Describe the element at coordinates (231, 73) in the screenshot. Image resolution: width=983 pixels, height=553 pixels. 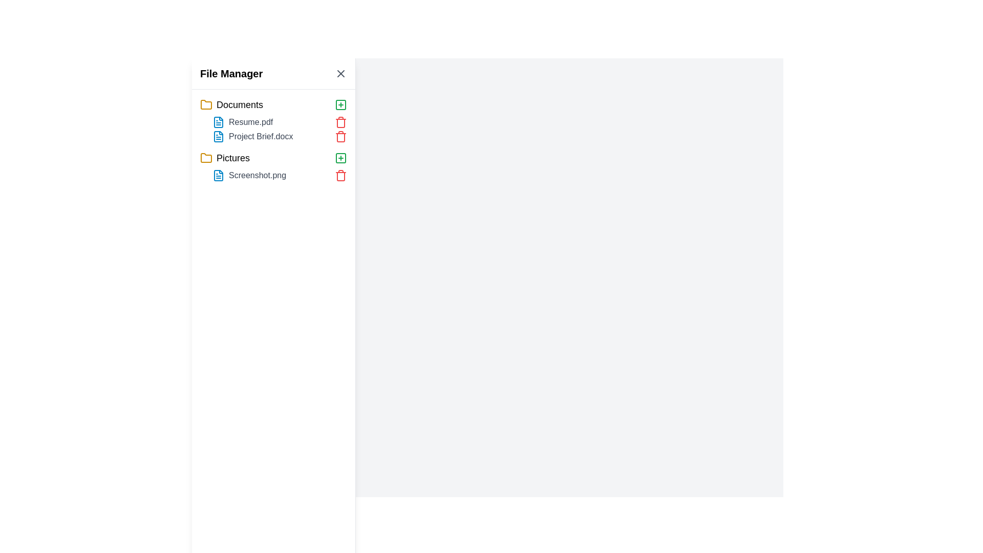
I see `the static text label that serves as the title for the file management interface, located in the top-left corner of the pane` at that location.